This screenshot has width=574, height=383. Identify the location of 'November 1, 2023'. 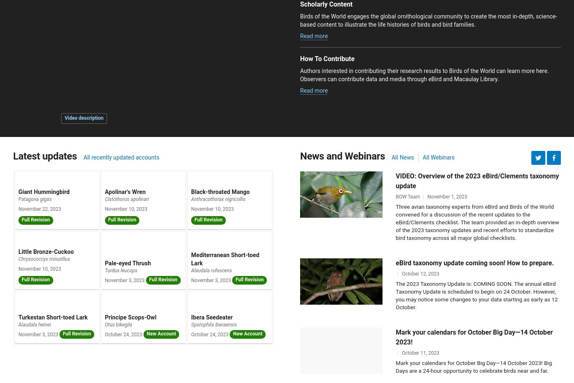
(447, 196).